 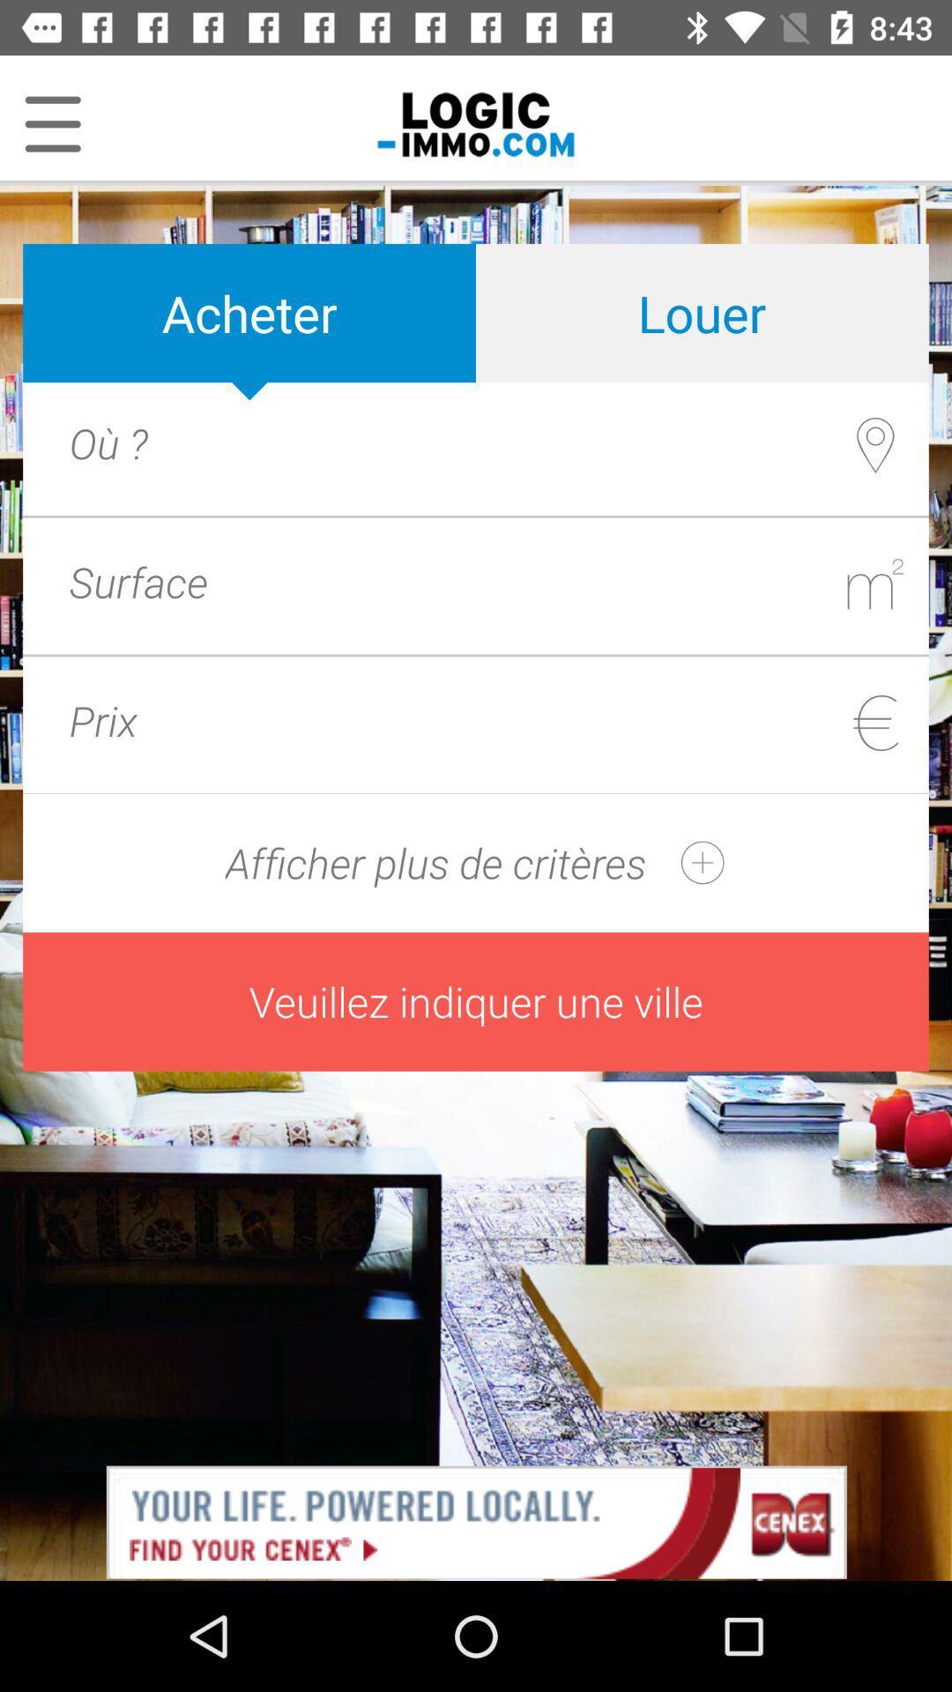 I want to click on price, so click(x=508, y=720).